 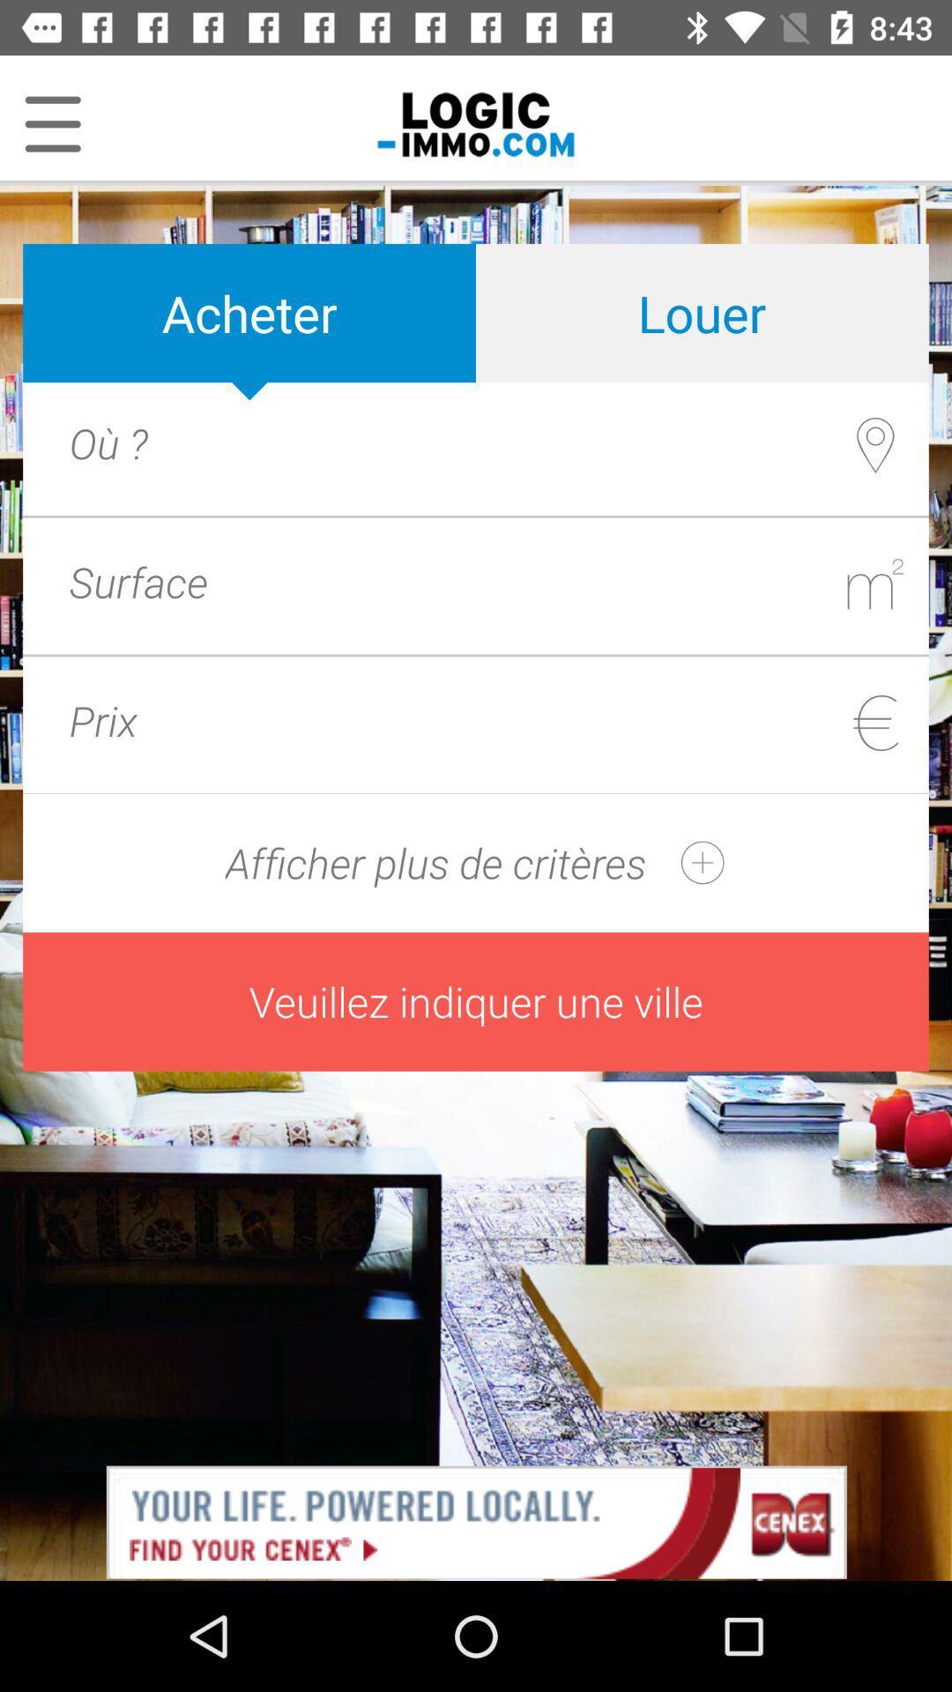 I want to click on price, so click(x=508, y=720).